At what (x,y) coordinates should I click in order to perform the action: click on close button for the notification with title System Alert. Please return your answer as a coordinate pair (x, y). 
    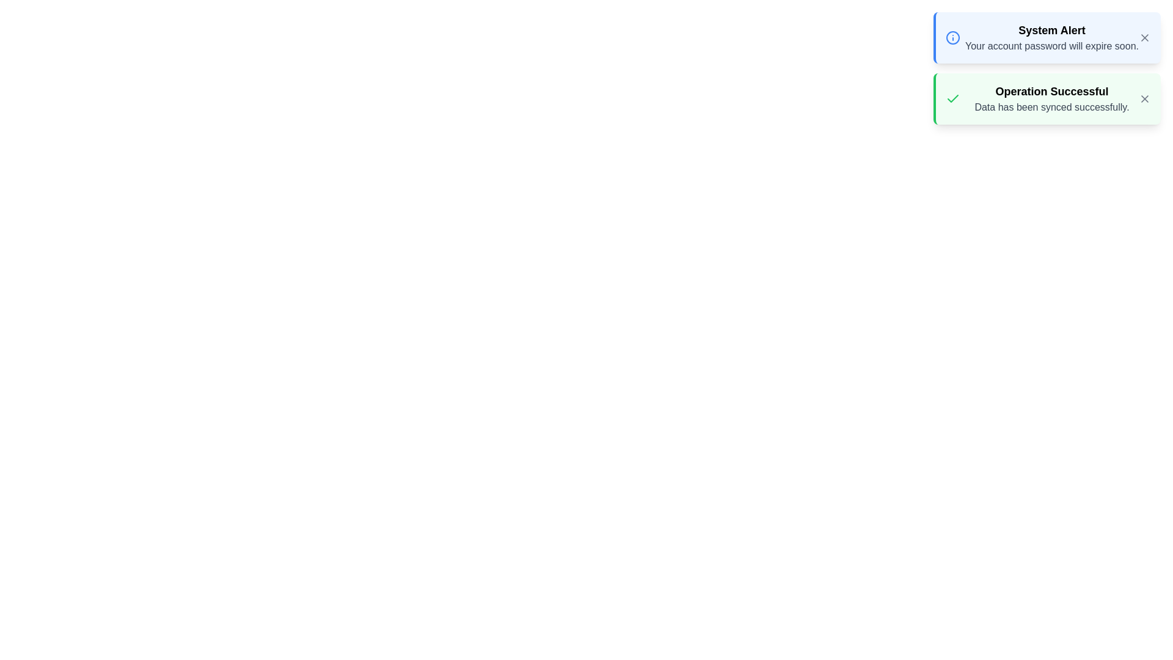
    Looking at the image, I should click on (1144, 37).